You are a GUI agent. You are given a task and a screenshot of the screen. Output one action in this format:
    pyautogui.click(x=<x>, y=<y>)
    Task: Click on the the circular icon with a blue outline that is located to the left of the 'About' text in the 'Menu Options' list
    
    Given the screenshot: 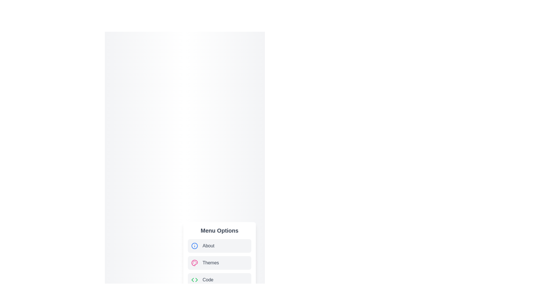 What is the action you would take?
    pyautogui.click(x=194, y=245)
    